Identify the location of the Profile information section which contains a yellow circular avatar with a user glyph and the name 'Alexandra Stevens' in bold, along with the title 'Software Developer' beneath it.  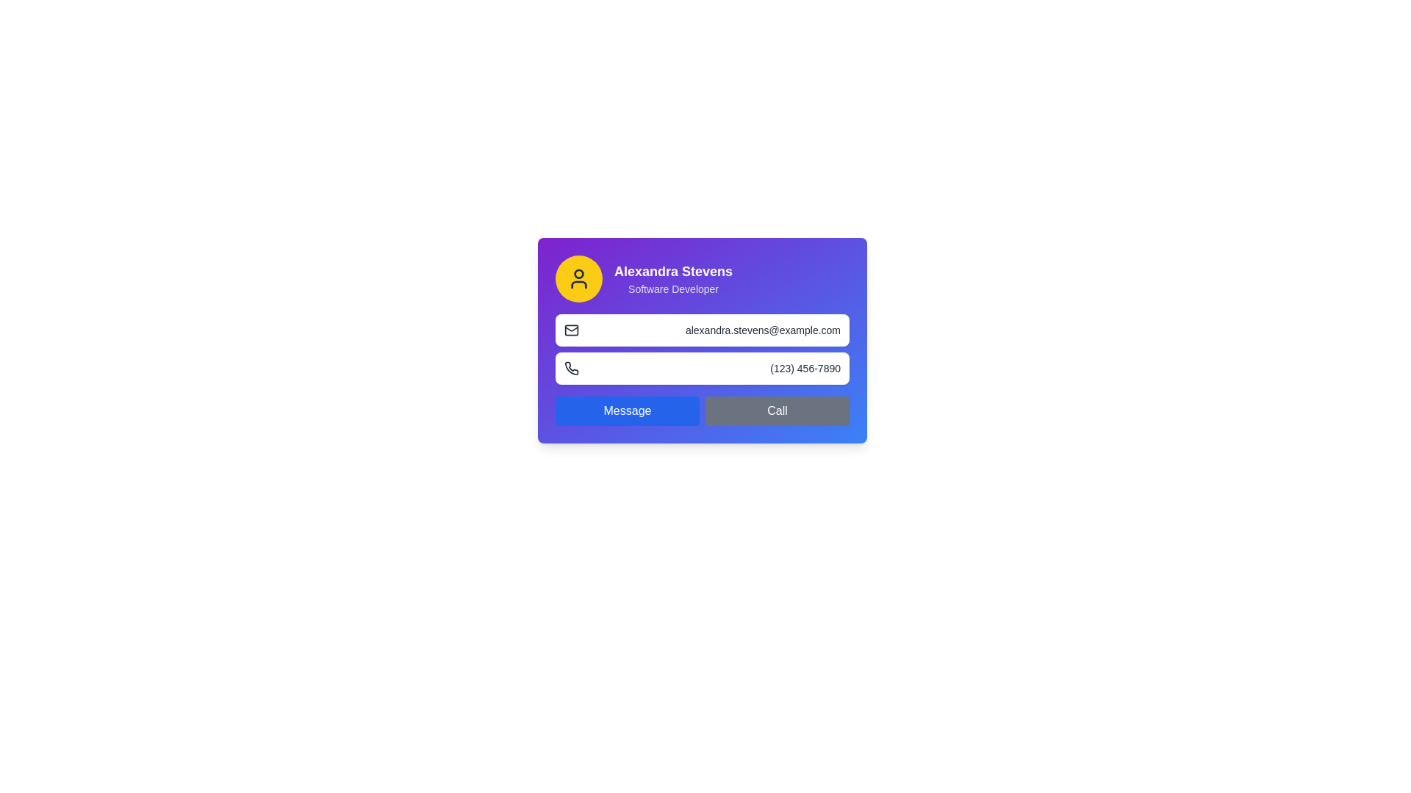
(701, 279).